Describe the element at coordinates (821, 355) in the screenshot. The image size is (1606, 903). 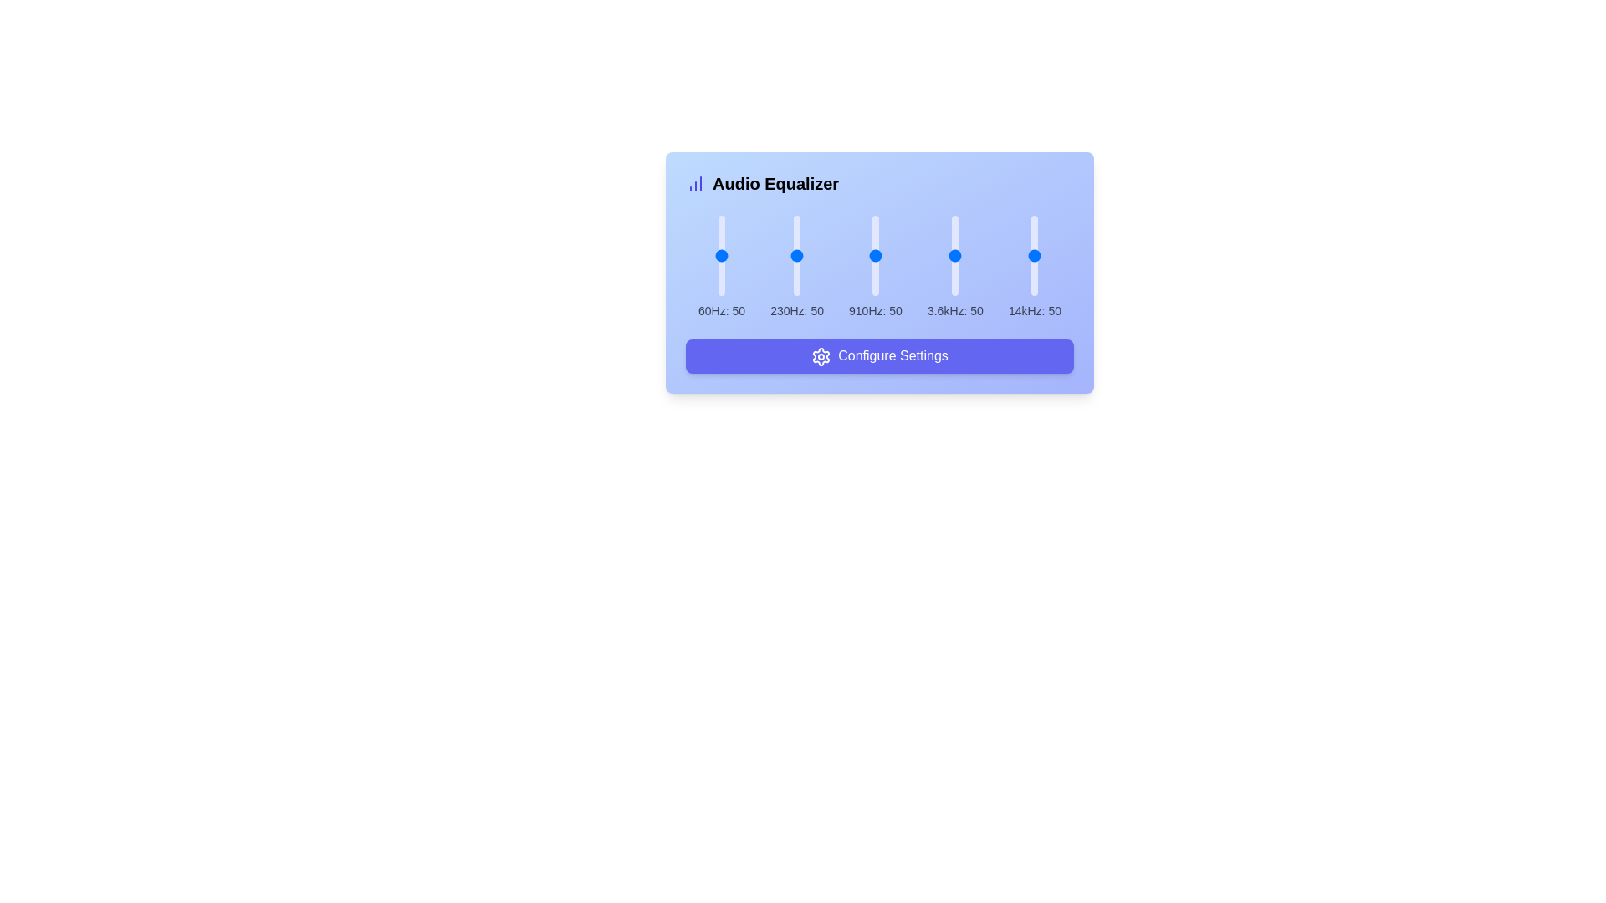
I see `the gear-shaped settings icon with an indigo background, located to the left of the 'Configure Settings' button` at that location.